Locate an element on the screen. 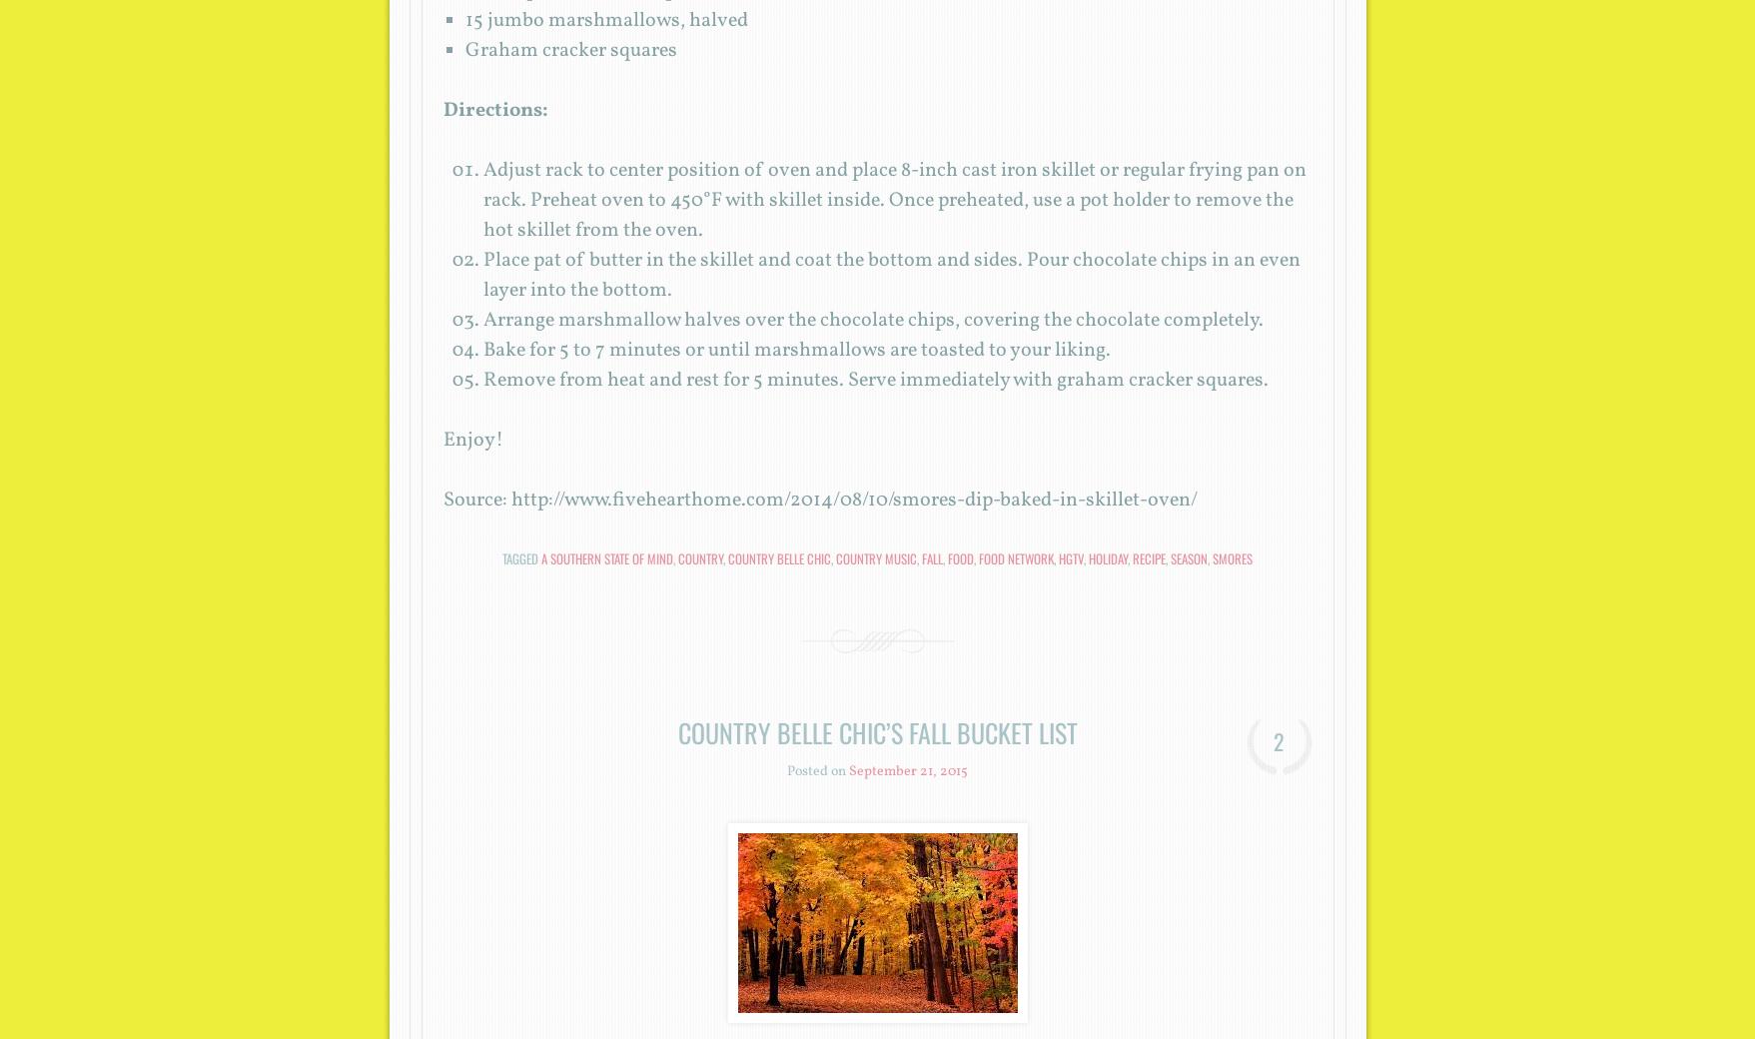  '15 jumbo marshmallows, halved' is located at coordinates (605, 20).